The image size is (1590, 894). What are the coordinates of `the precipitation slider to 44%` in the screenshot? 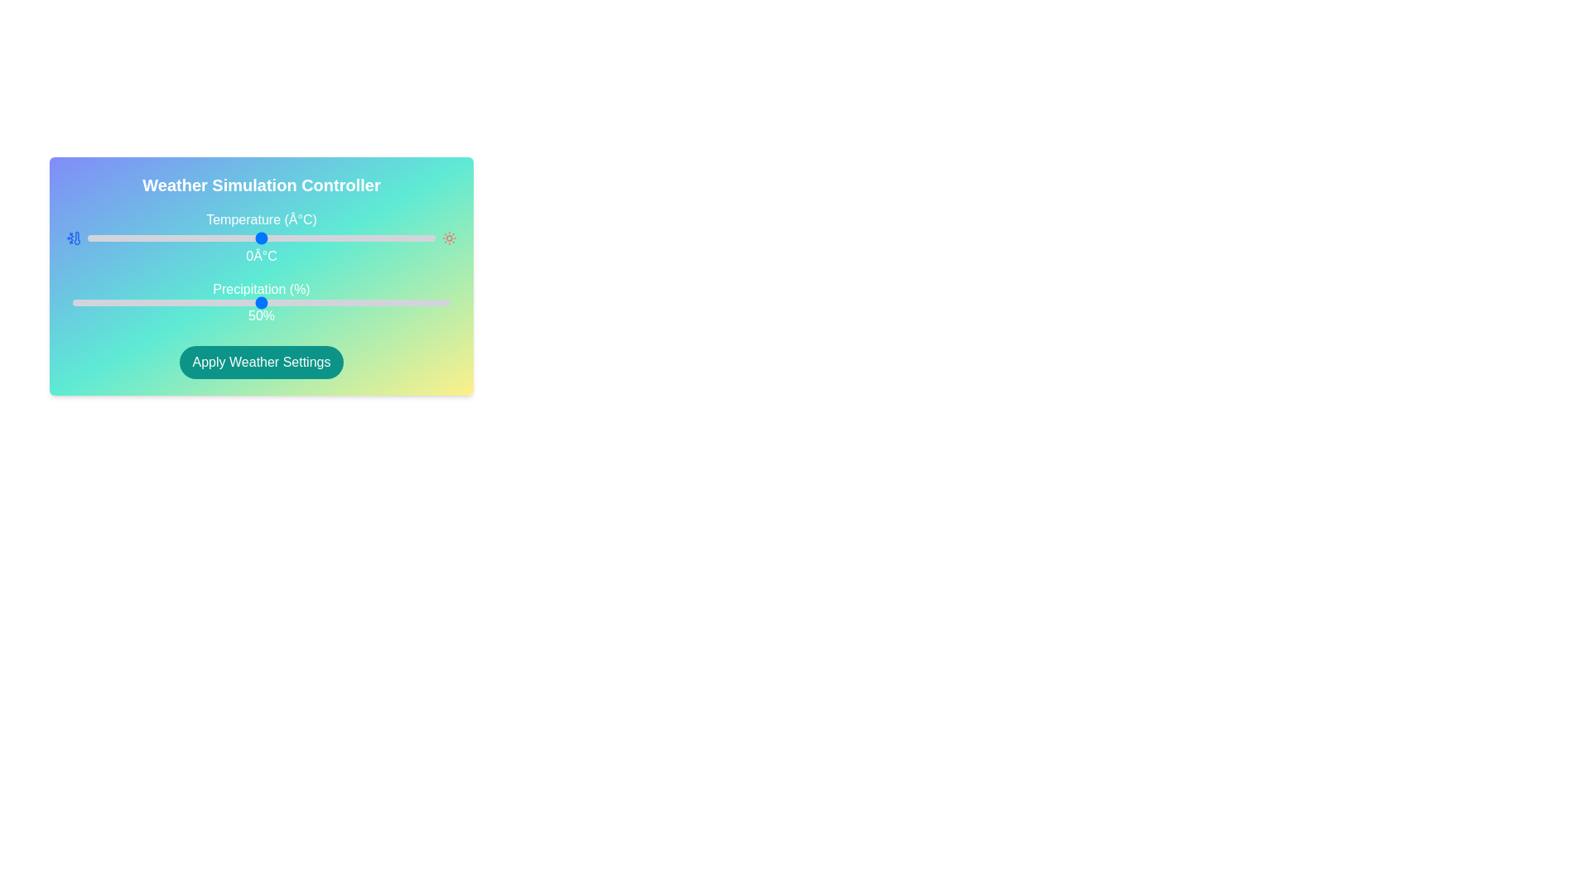 It's located at (238, 303).